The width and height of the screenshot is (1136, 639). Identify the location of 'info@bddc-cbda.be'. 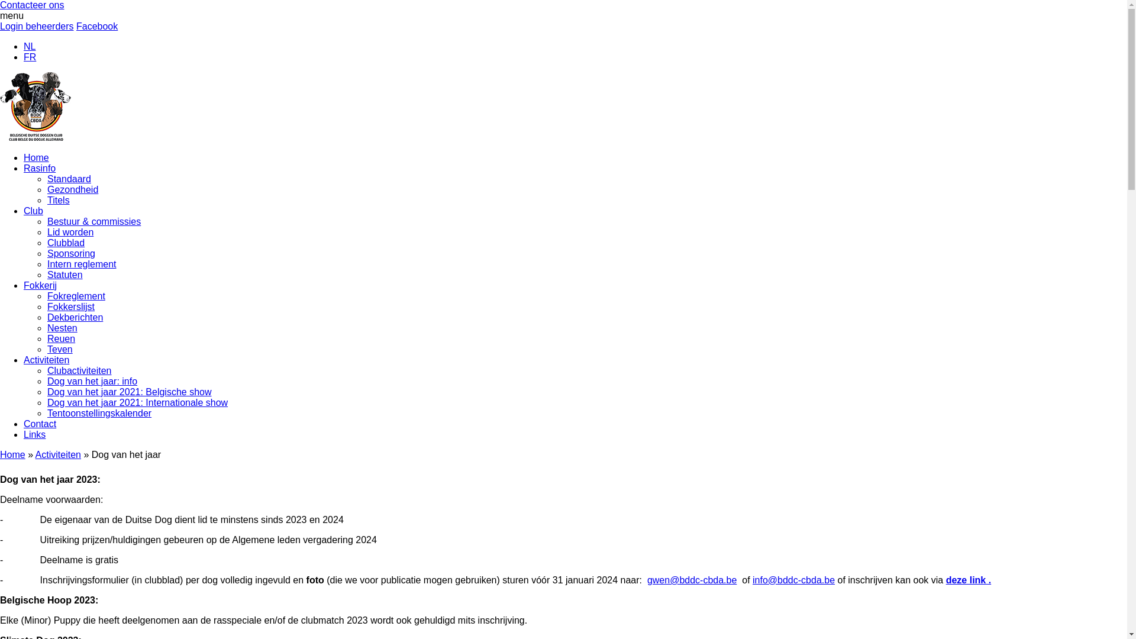
(793, 579).